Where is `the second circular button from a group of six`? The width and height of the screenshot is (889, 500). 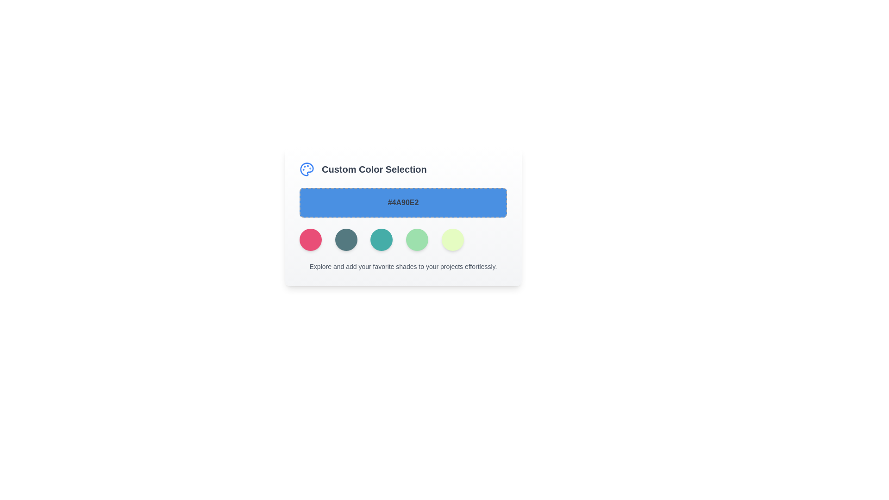
the second circular button from a group of six is located at coordinates (345, 239).